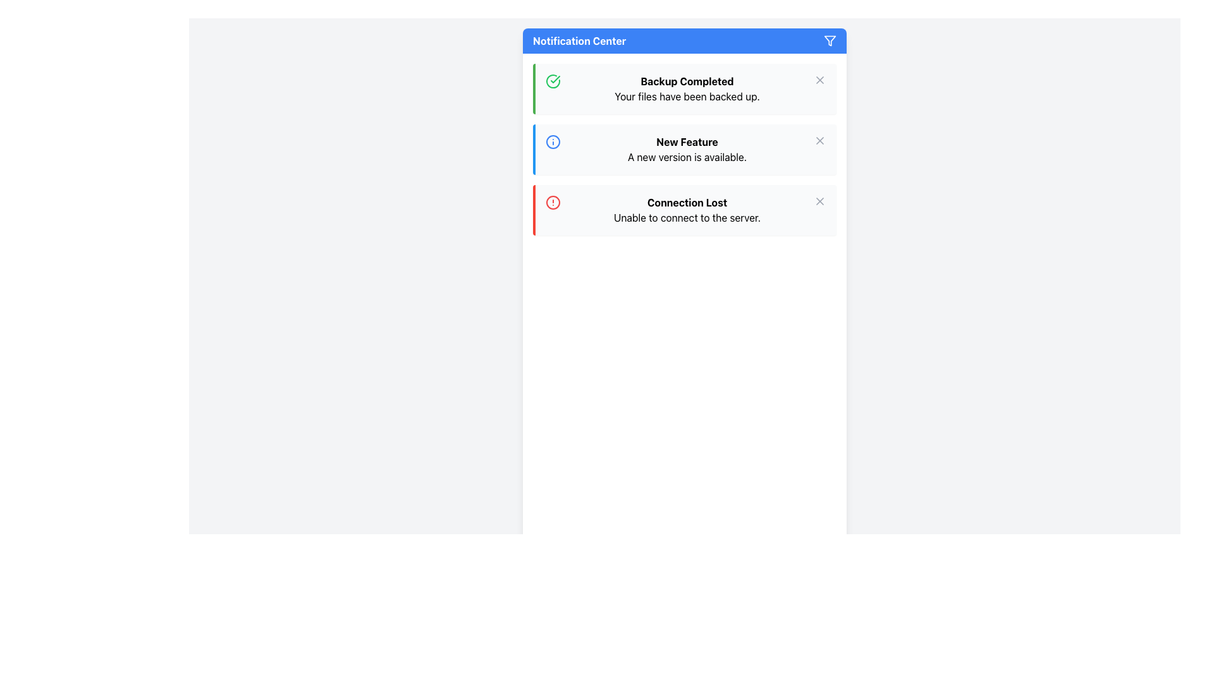 This screenshot has width=1214, height=682. I want to click on the alert icon indicating an issue related to the 'Connection Lost' text in the third notification card from the top, so click(553, 201).